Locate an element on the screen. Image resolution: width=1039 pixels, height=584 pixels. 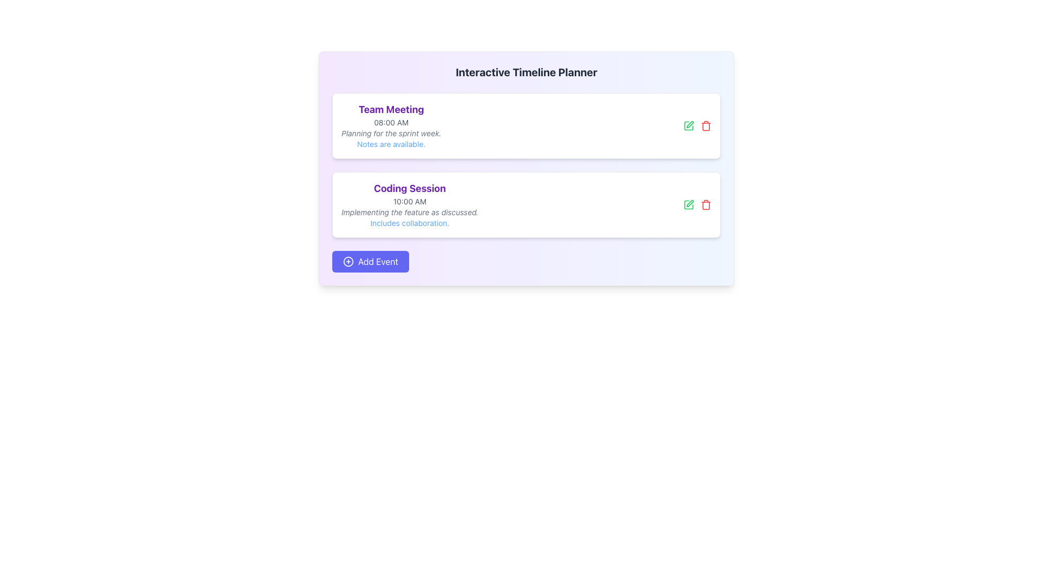
the green square icon with an outline style located to the right of the text block in the second row of the list interface to initiate an edit action is located at coordinates (688, 125).